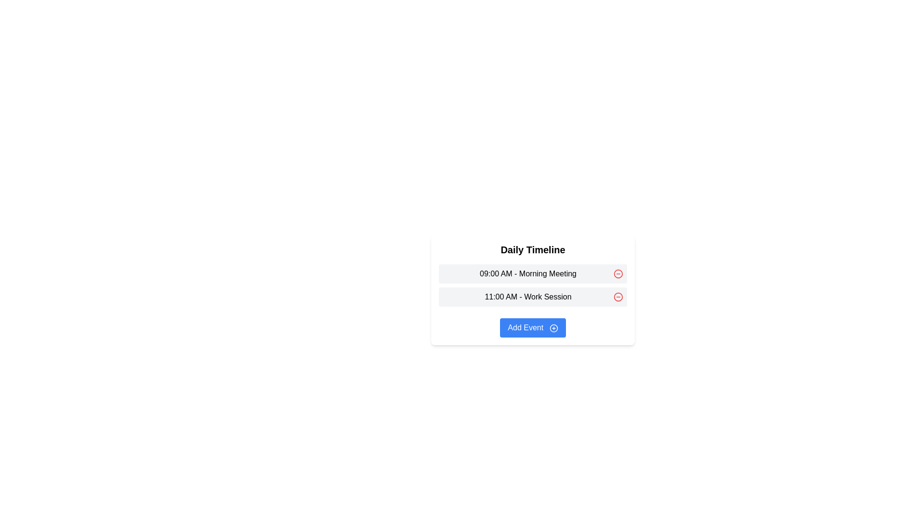  I want to click on the deletion button located on the far right of the row displaying the event '11:00 AM - Work Session', so click(618, 297).